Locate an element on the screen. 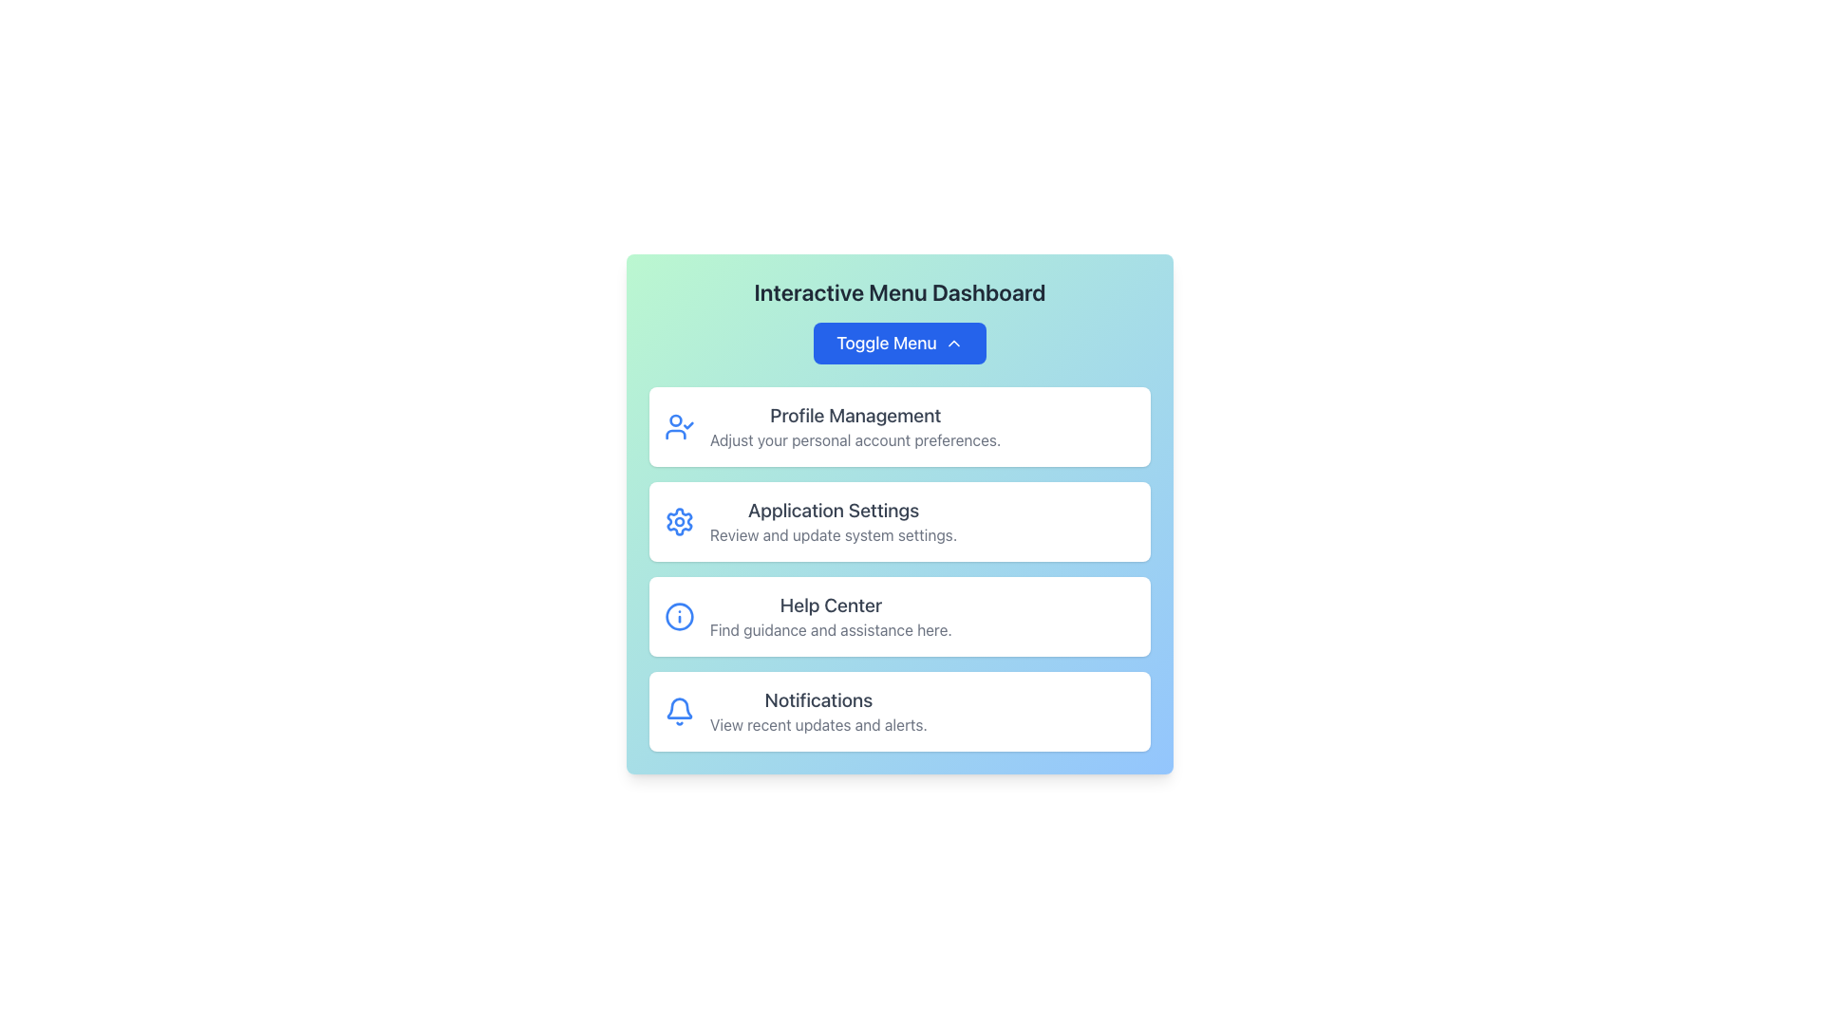 This screenshot has width=1823, height=1025. the text label that says 'View recent updates and alerts.' located below the 'Notifications' title in the Notifications section is located at coordinates (818, 724).